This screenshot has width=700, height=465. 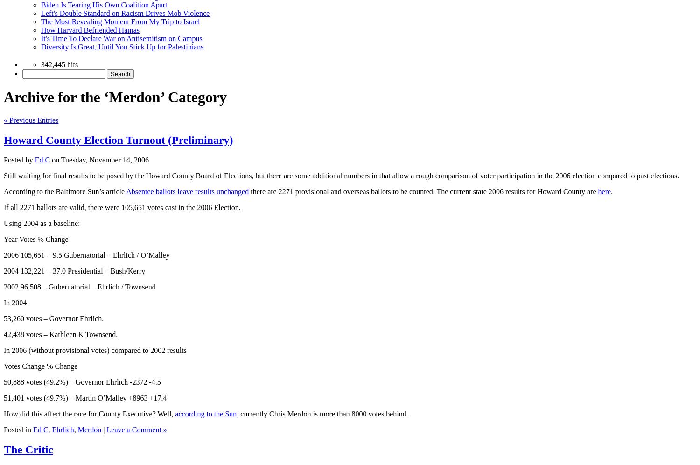 I want to click on 'How did this affect the race for County Executive?', so click(x=79, y=413).